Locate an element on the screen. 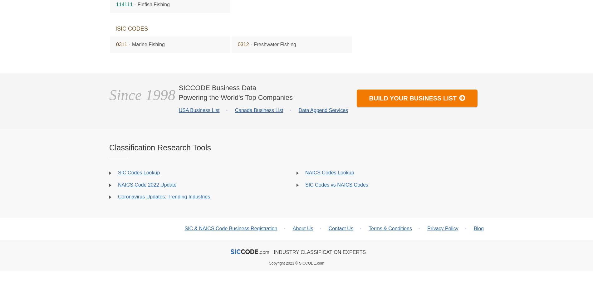 This screenshot has height=302, width=593. 'NAICS Codes Lookup' is located at coordinates (330, 172).